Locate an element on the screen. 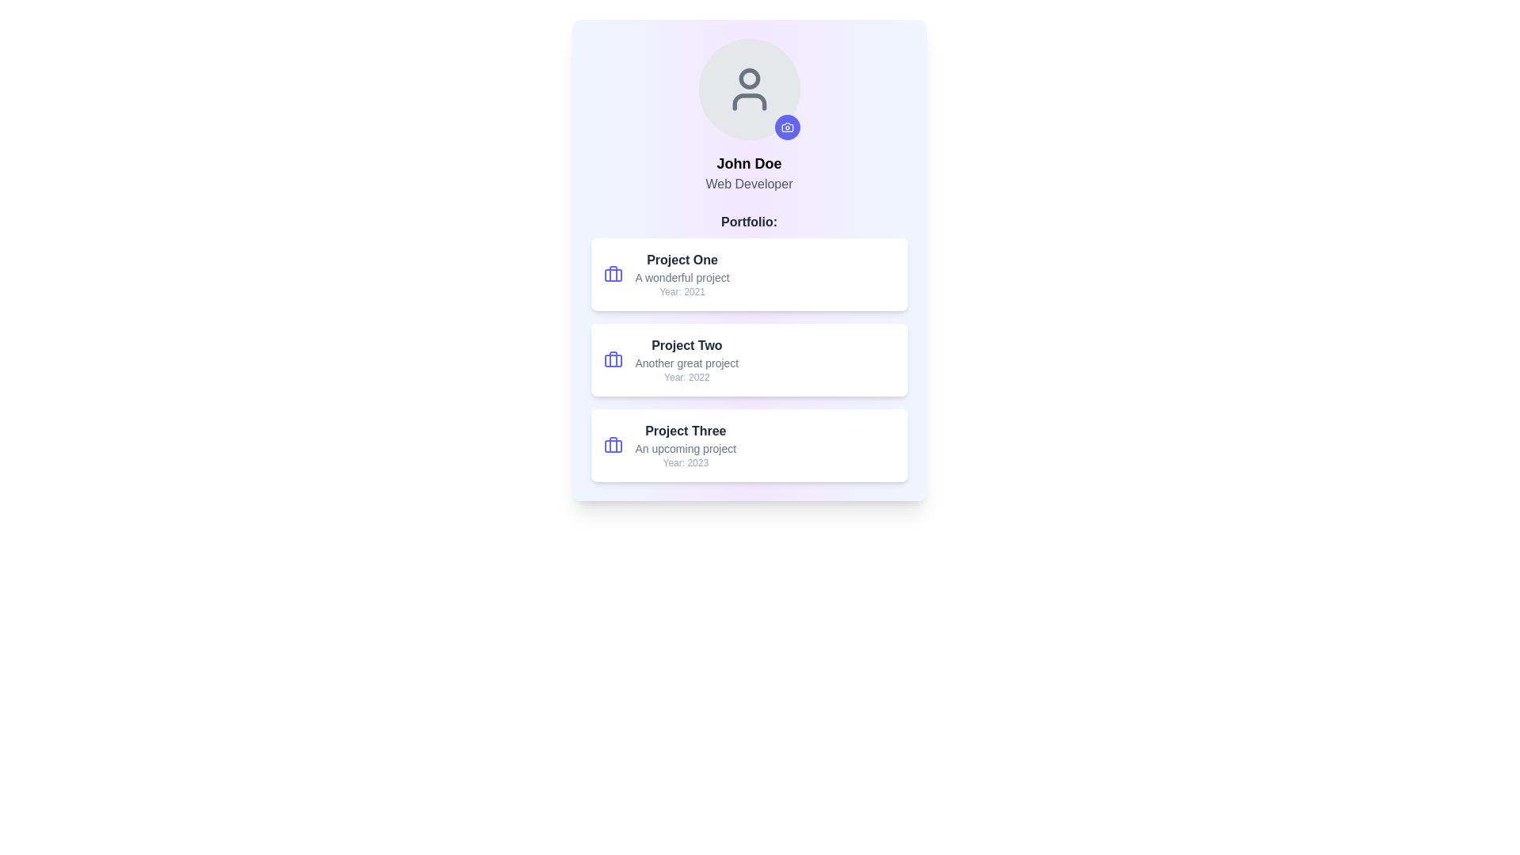  text displayed in the year label associated with 'Project Three', which is located within the third card of a vertically arranged portfolio section is located at coordinates (686, 463).